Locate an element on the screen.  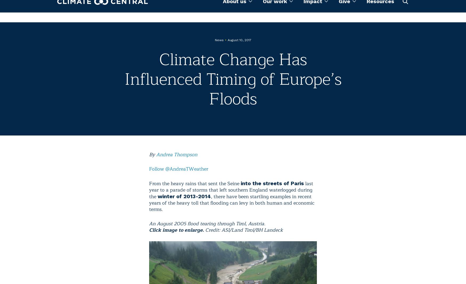
', there have been startling examples in recent years of the heavy toll that flooding can levy in both human and economic terms.' is located at coordinates (232, 203).